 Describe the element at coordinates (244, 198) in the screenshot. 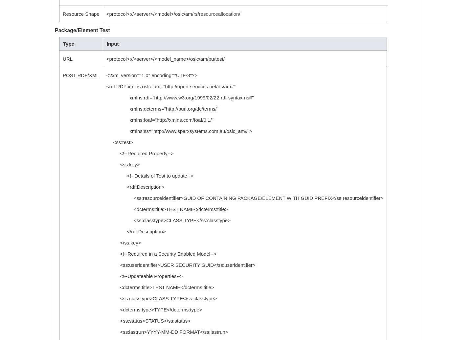

I see `'<ss:resourceidentifier>GUID OF CONTAINING PACKAGE/ELEMENT WITH GUID PREFIX</ss:resourceidentifier>'` at that location.